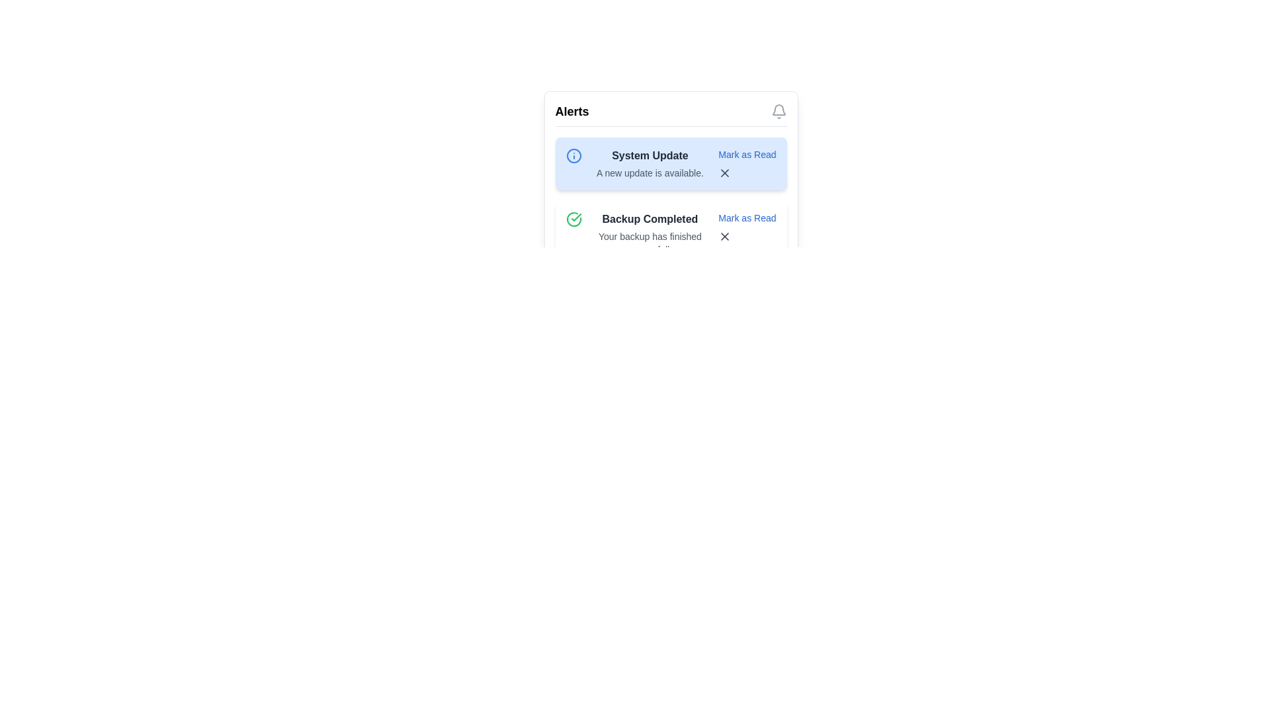 This screenshot has height=714, width=1270. What do you see at coordinates (747, 173) in the screenshot?
I see `the dismiss button located in the 'System Update' notification card` at bounding box center [747, 173].